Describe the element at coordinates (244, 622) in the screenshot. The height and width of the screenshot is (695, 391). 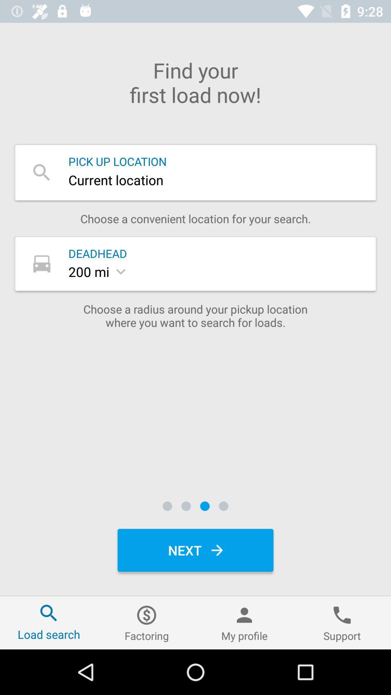
I see `the item to the right of the factoring icon` at that location.